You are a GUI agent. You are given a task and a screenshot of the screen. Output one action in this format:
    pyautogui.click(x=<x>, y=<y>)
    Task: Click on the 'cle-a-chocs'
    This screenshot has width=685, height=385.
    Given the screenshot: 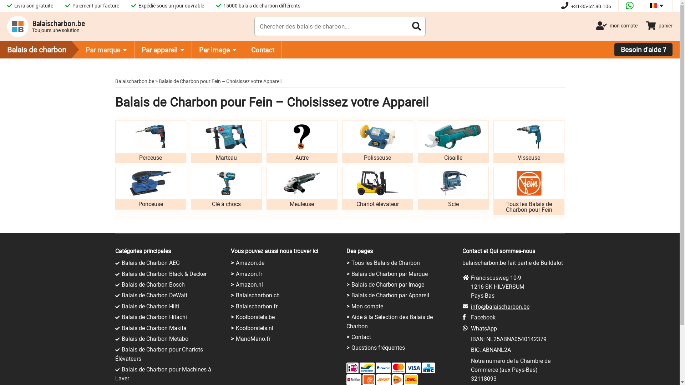 What is the action you would take?
    pyautogui.click(x=225, y=183)
    